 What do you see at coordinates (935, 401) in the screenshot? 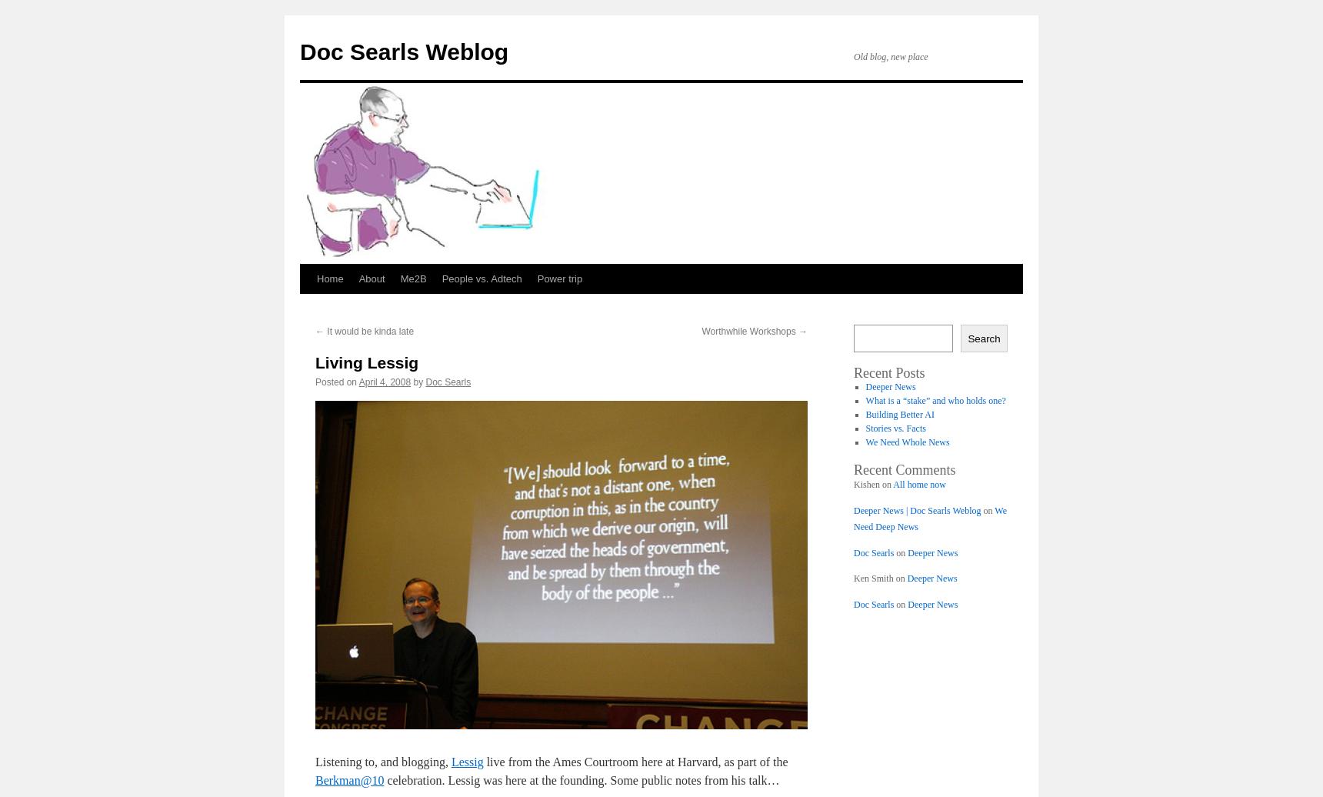
I see `'What is a “stake” and who holds one?'` at bounding box center [935, 401].